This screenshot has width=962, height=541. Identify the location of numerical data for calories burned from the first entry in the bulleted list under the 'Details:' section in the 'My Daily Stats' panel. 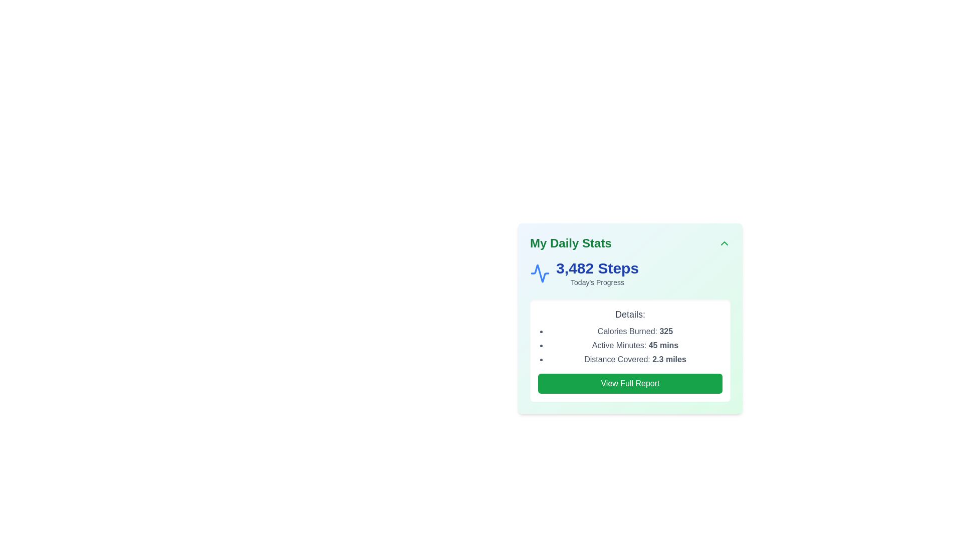
(634, 332).